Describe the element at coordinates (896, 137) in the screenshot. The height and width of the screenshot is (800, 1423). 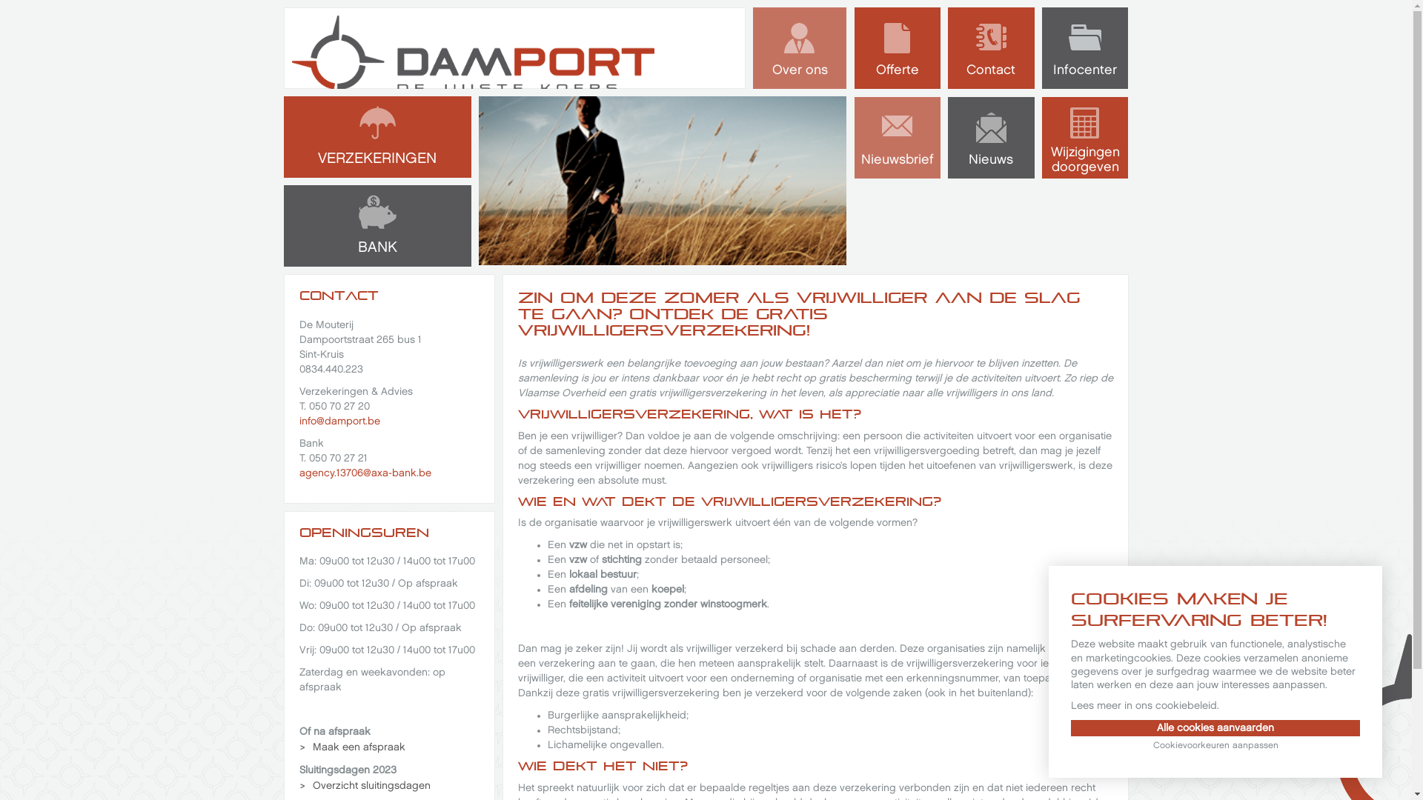
I see `'Nieuwsbrief'` at that location.